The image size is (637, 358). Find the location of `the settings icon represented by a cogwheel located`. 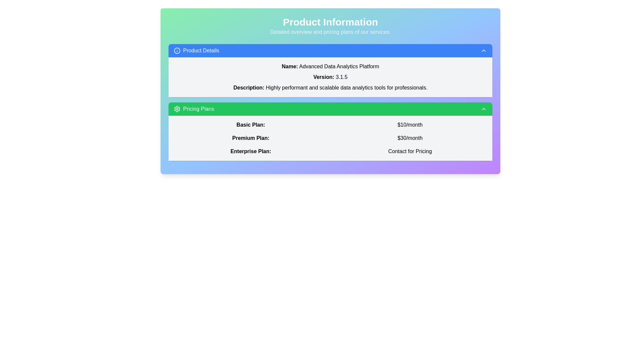

the settings icon represented by a cogwheel located is located at coordinates (177, 108).